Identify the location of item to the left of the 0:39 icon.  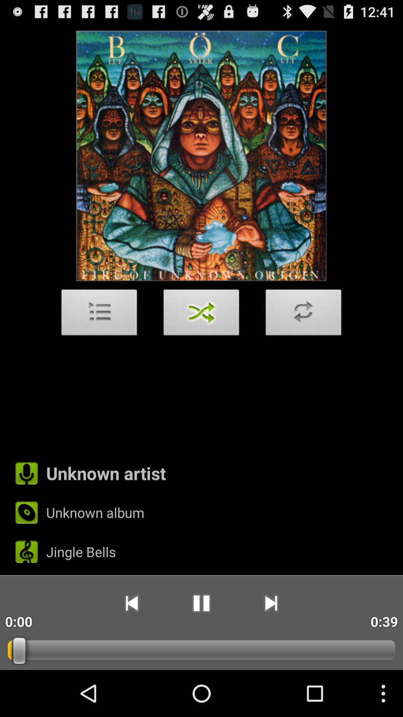
(271, 603).